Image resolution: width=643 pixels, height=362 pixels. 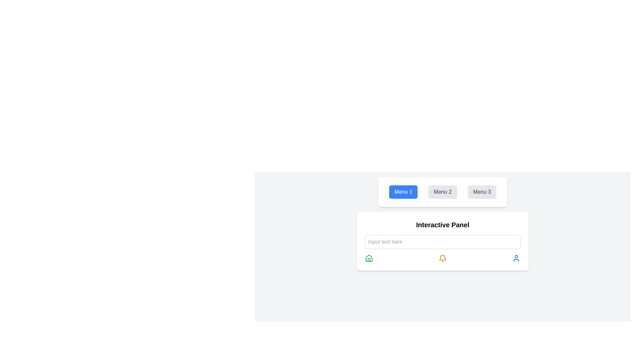 What do you see at coordinates (442, 241) in the screenshot?
I see `any of the icons located within the 'Interactive Panel' which features a white background and a bold title at the top` at bounding box center [442, 241].